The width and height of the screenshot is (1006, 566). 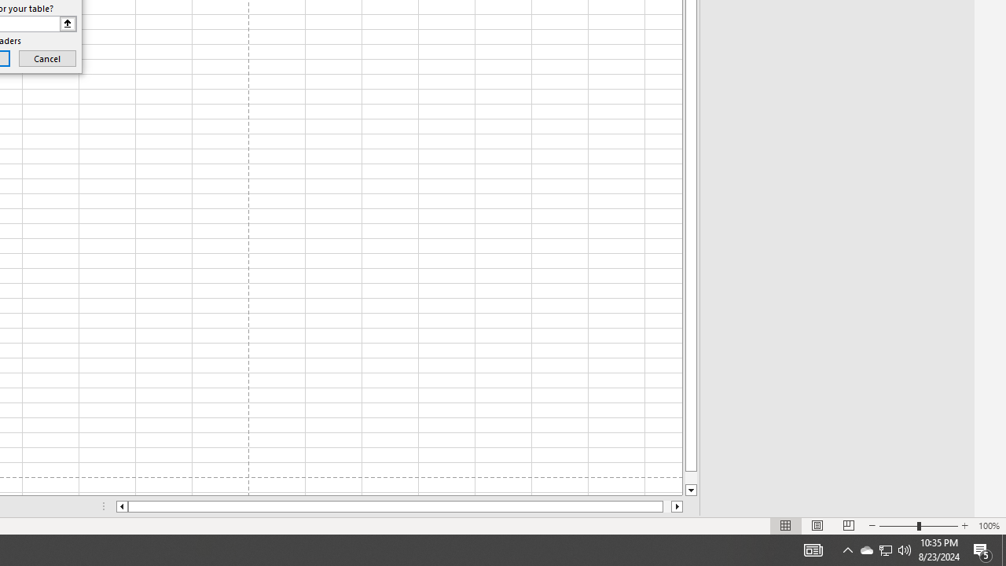 What do you see at coordinates (691, 477) in the screenshot?
I see `'Page down'` at bounding box center [691, 477].